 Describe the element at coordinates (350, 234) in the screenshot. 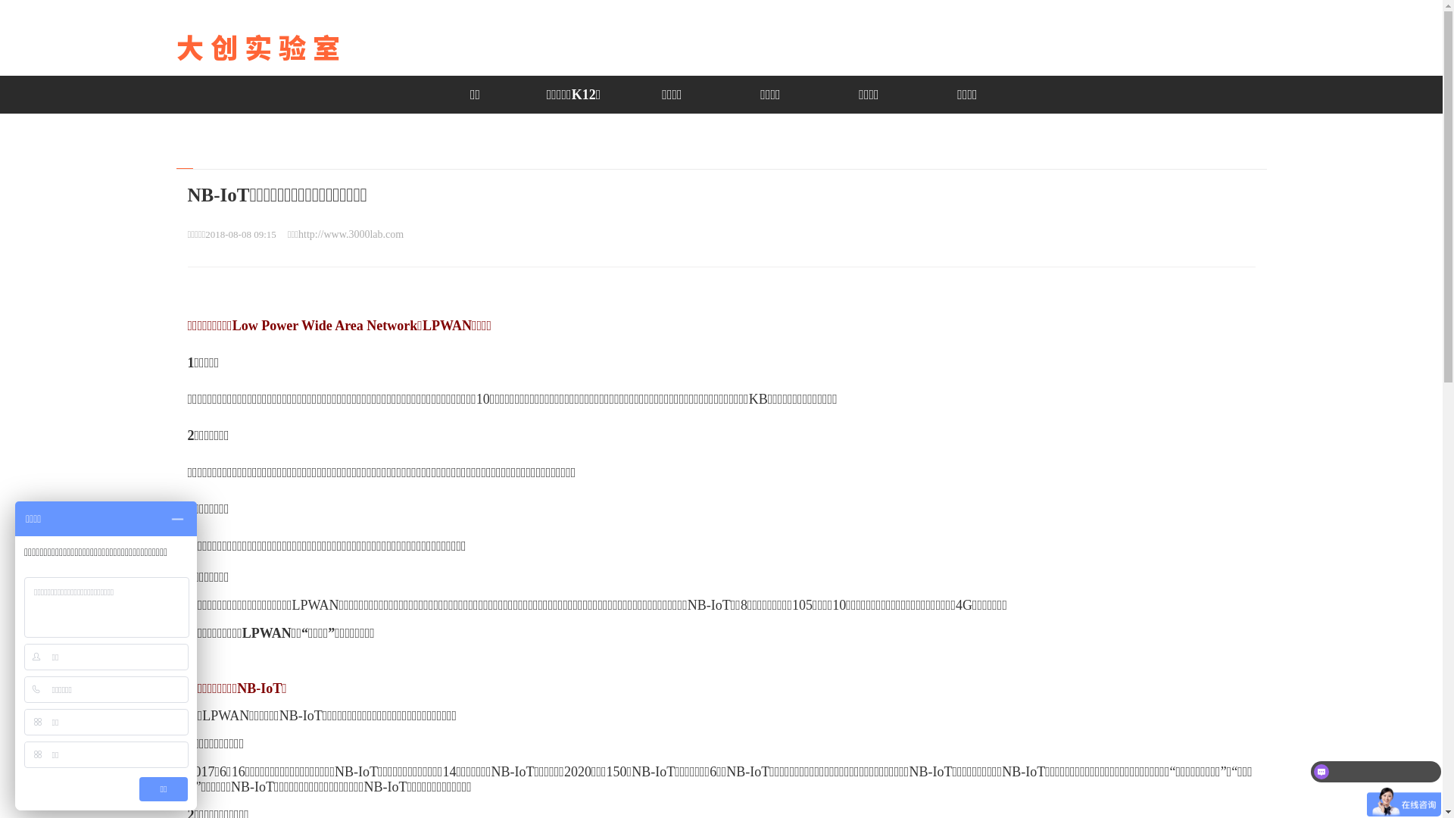

I see `'http://www.3000lab.com'` at that location.